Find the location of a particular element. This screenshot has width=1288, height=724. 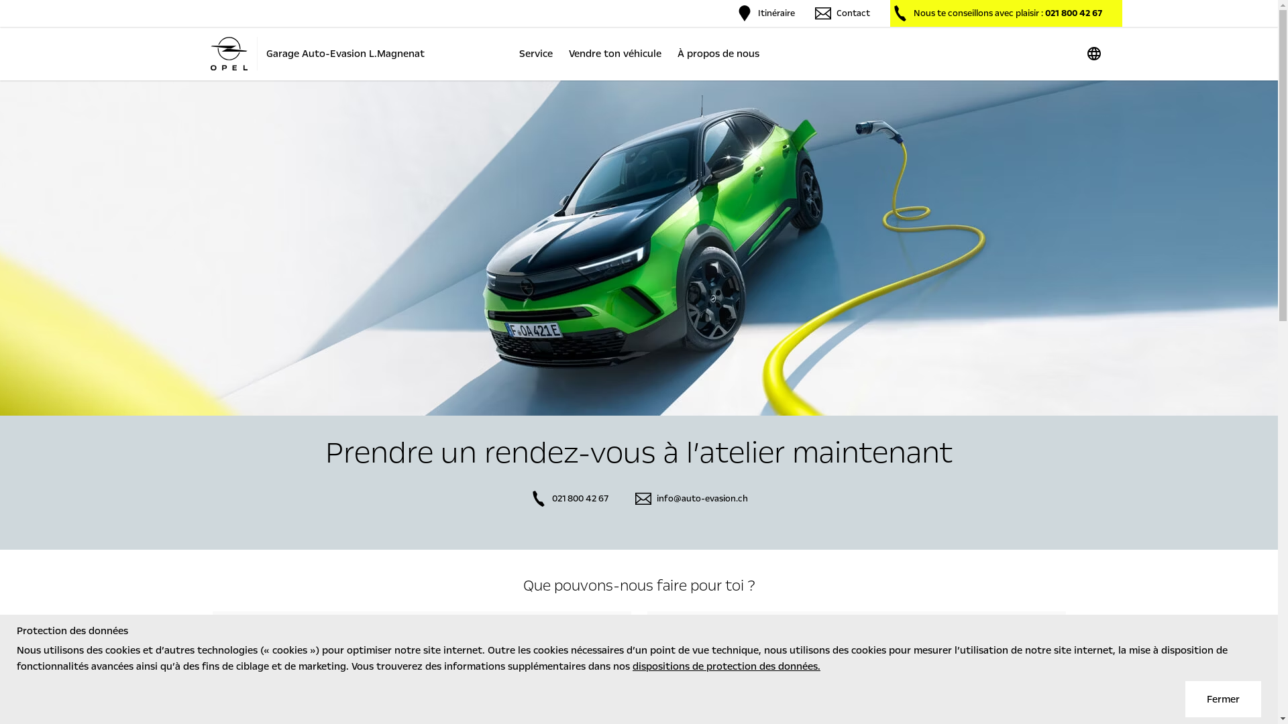

'Contact' is located at coordinates (814, 13).